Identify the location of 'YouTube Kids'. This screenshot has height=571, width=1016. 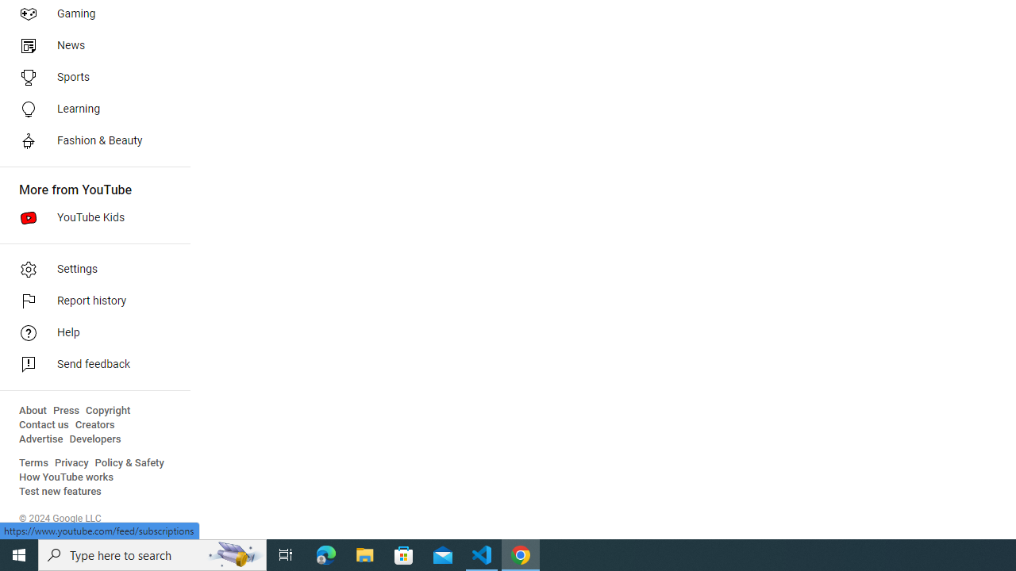
(89, 218).